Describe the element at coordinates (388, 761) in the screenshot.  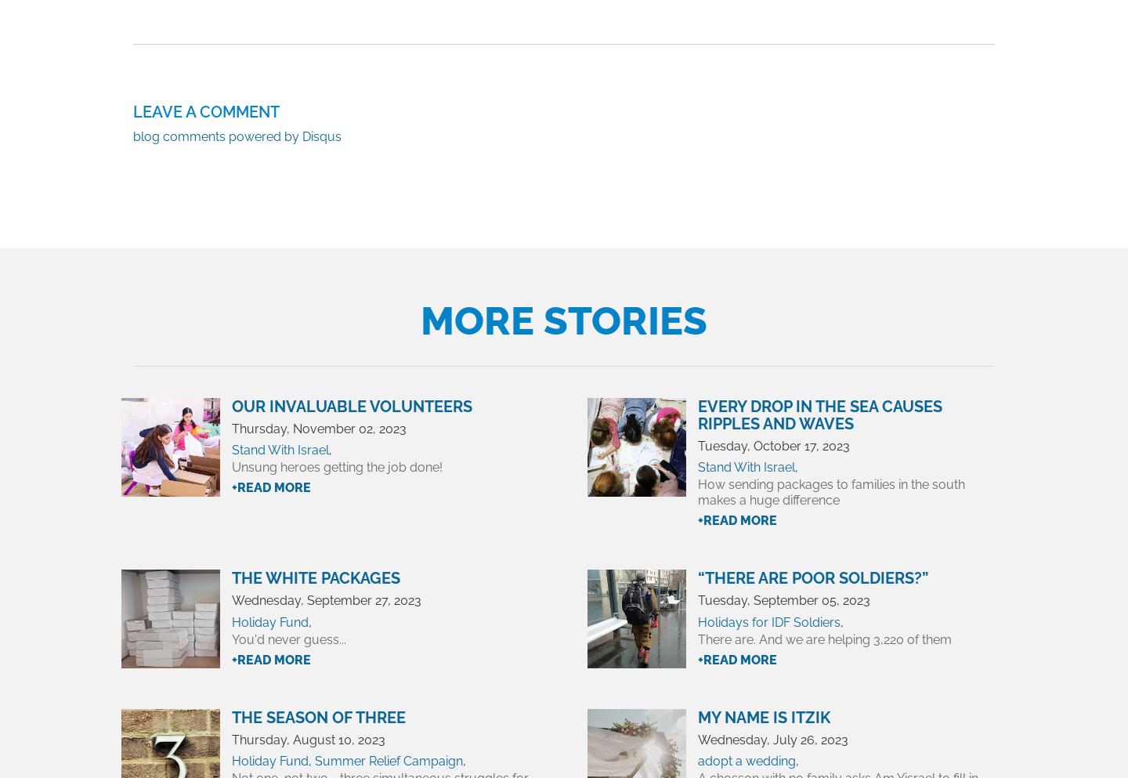
I see `'Summer Relief Campaign'` at that location.